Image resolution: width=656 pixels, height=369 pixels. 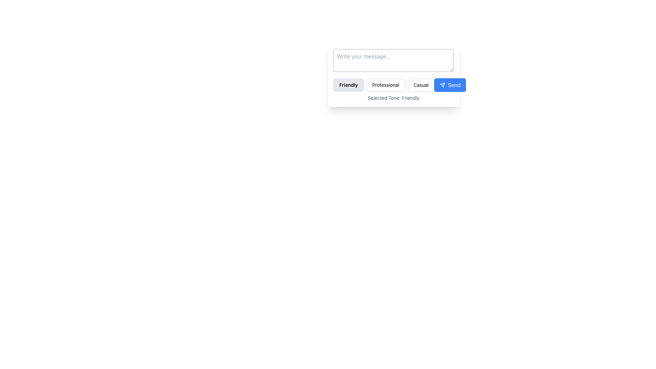 I want to click on the static text label that displays 'Selected Tone: Friendly' located below the tone selection buttons and the 'Send' button, so click(x=394, y=98).